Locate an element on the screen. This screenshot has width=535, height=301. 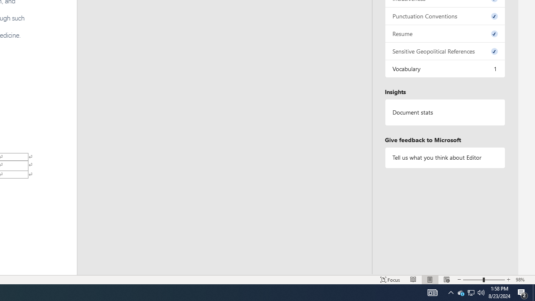
'Tell us what you think about Editor' is located at coordinates (444, 158).